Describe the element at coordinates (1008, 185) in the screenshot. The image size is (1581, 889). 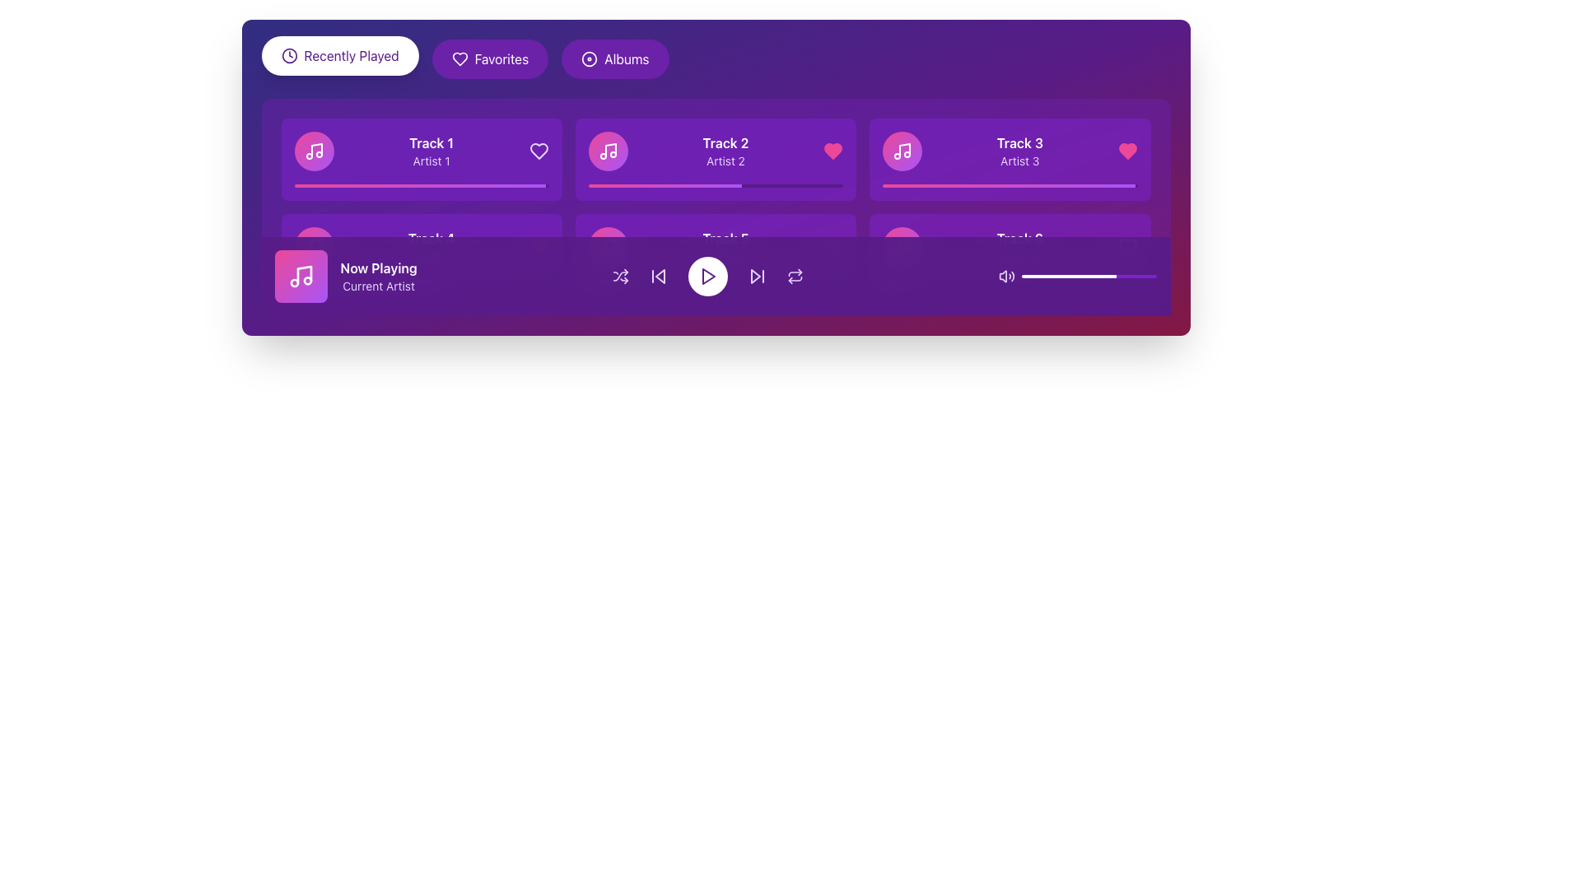
I see `the progress bar in 'Track 3' by 'Artist 3', which is a horizontal gradient bar transitioning from pink to purple` at that location.